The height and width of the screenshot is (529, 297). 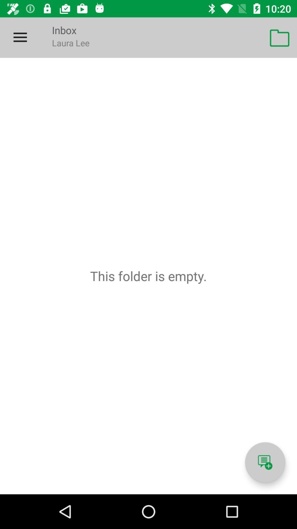 I want to click on icon to the left of inbox, so click(x=20, y=37).